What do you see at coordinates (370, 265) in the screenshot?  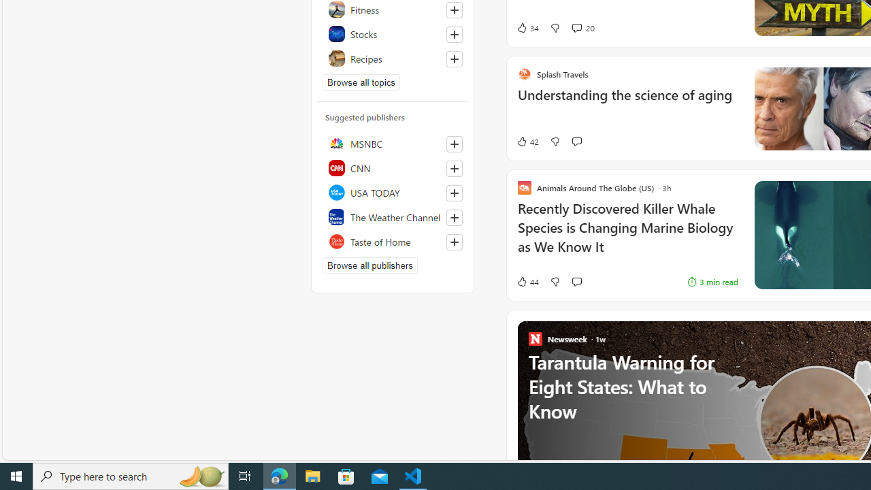 I see `'Browse all publishers'` at bounding box center [370, 265].